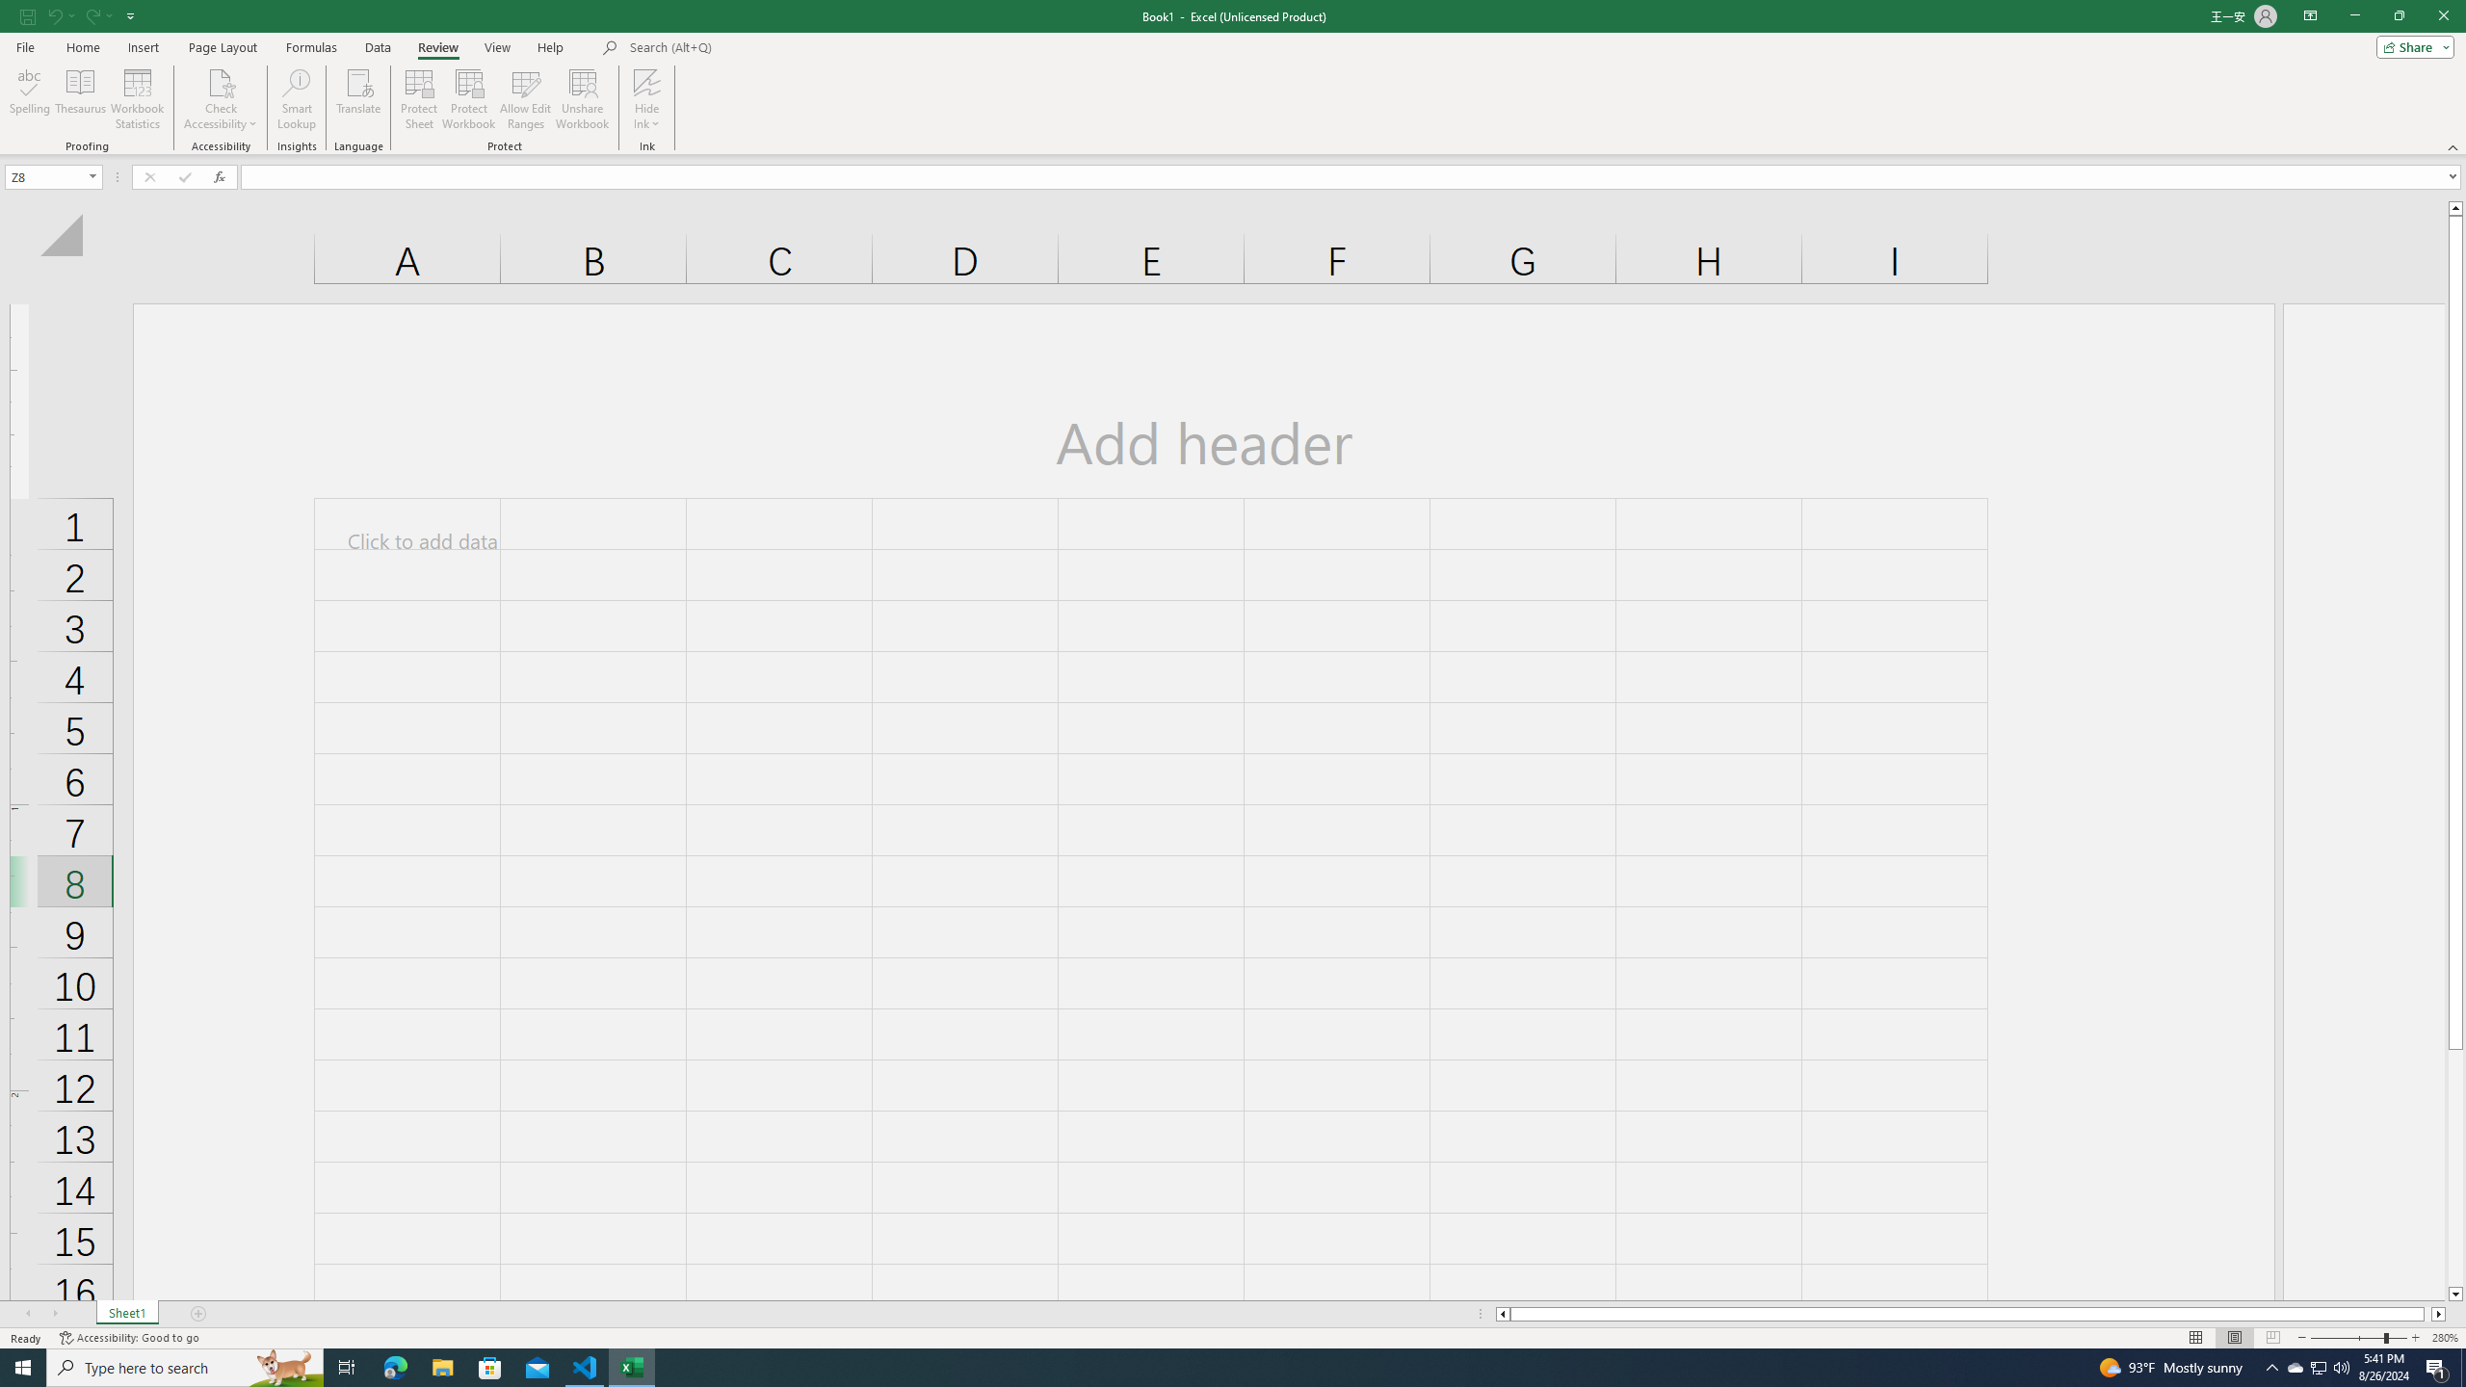  What do you see at coordinates (647, 99) in the screenshot?
I see `'Hide Ink'` at bounding box center [647, 99].